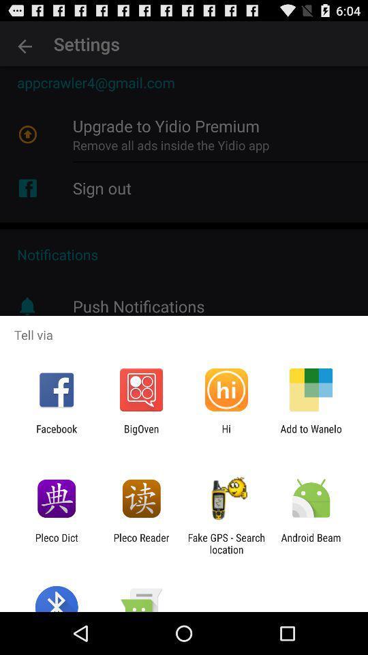 The width and height of the screenshot is (368, 655). I want to click on the fake gps search app, so click(226, 543).